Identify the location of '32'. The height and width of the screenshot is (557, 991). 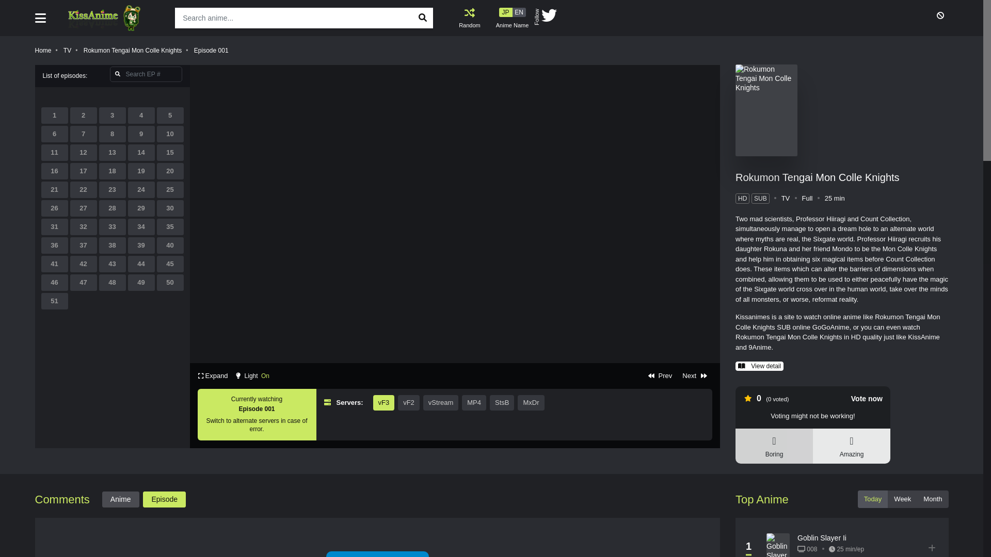
(84, 226).